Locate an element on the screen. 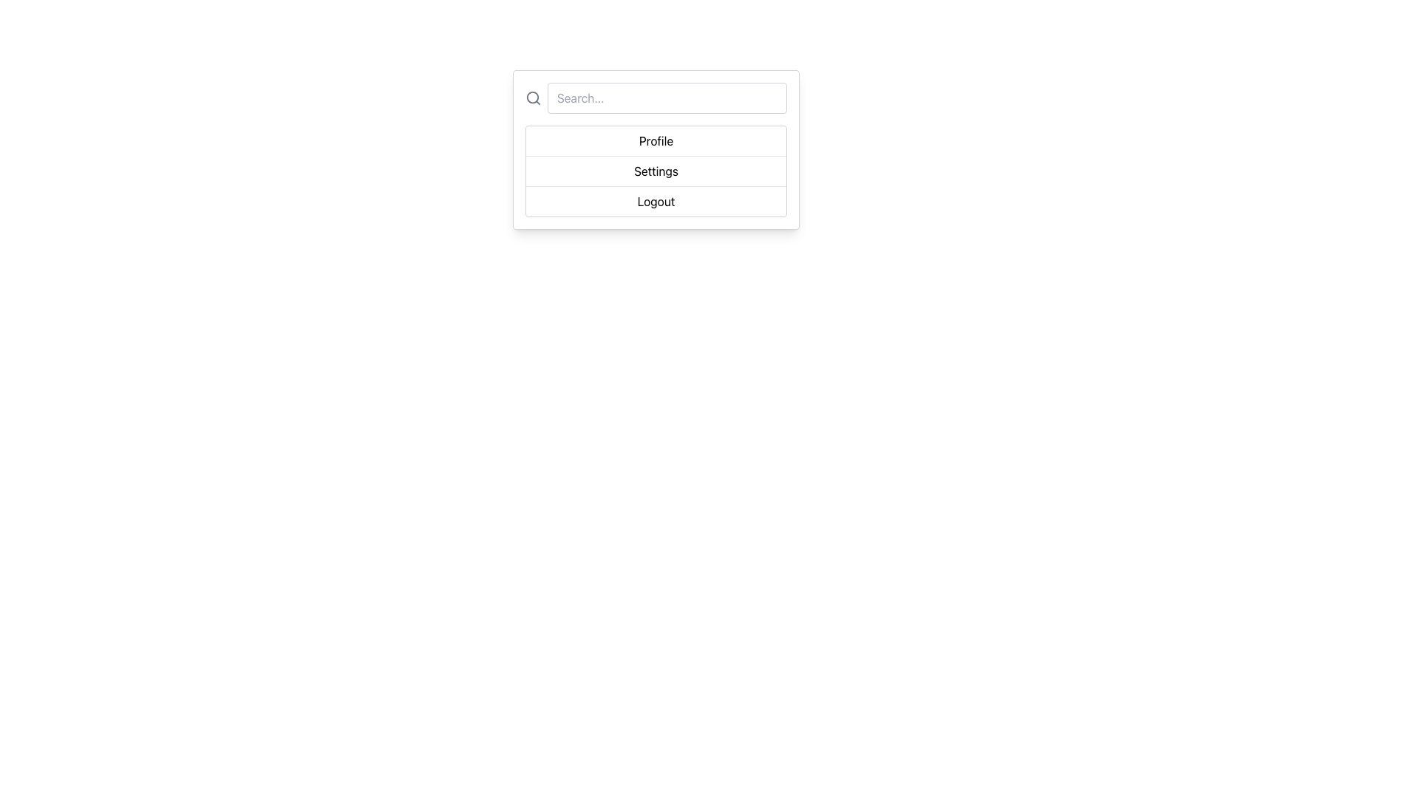 The width and height of the screenshot is (1419, 798). the 'Settings' button, which is the second item in the dropdown menu containing 'Profile', 'Settings', and 'Logout' is located at coordinates (656, 170).